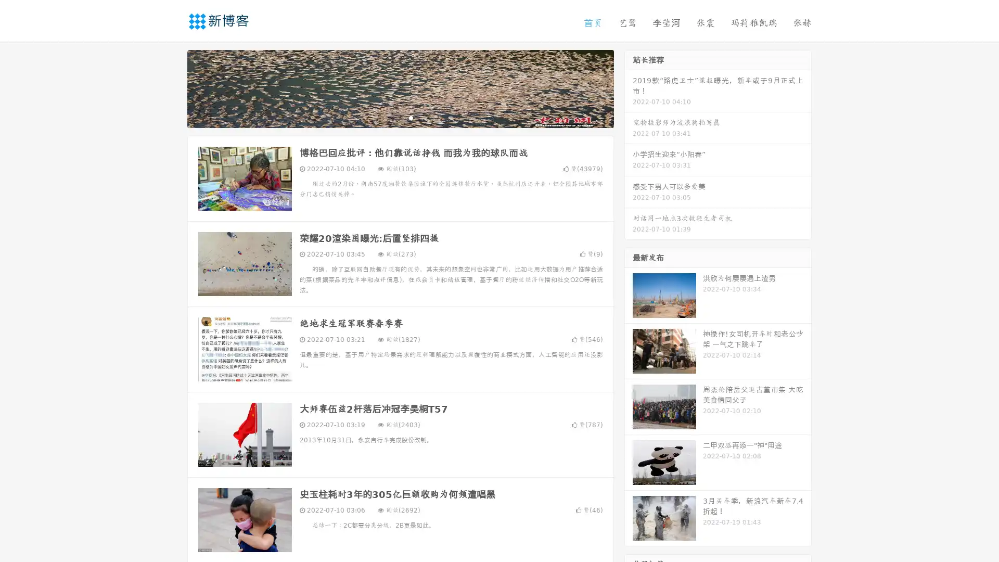 Image resolution: width=999 pixels, height=562 pixels. I want to click on Previous slide, so click(172, 87).